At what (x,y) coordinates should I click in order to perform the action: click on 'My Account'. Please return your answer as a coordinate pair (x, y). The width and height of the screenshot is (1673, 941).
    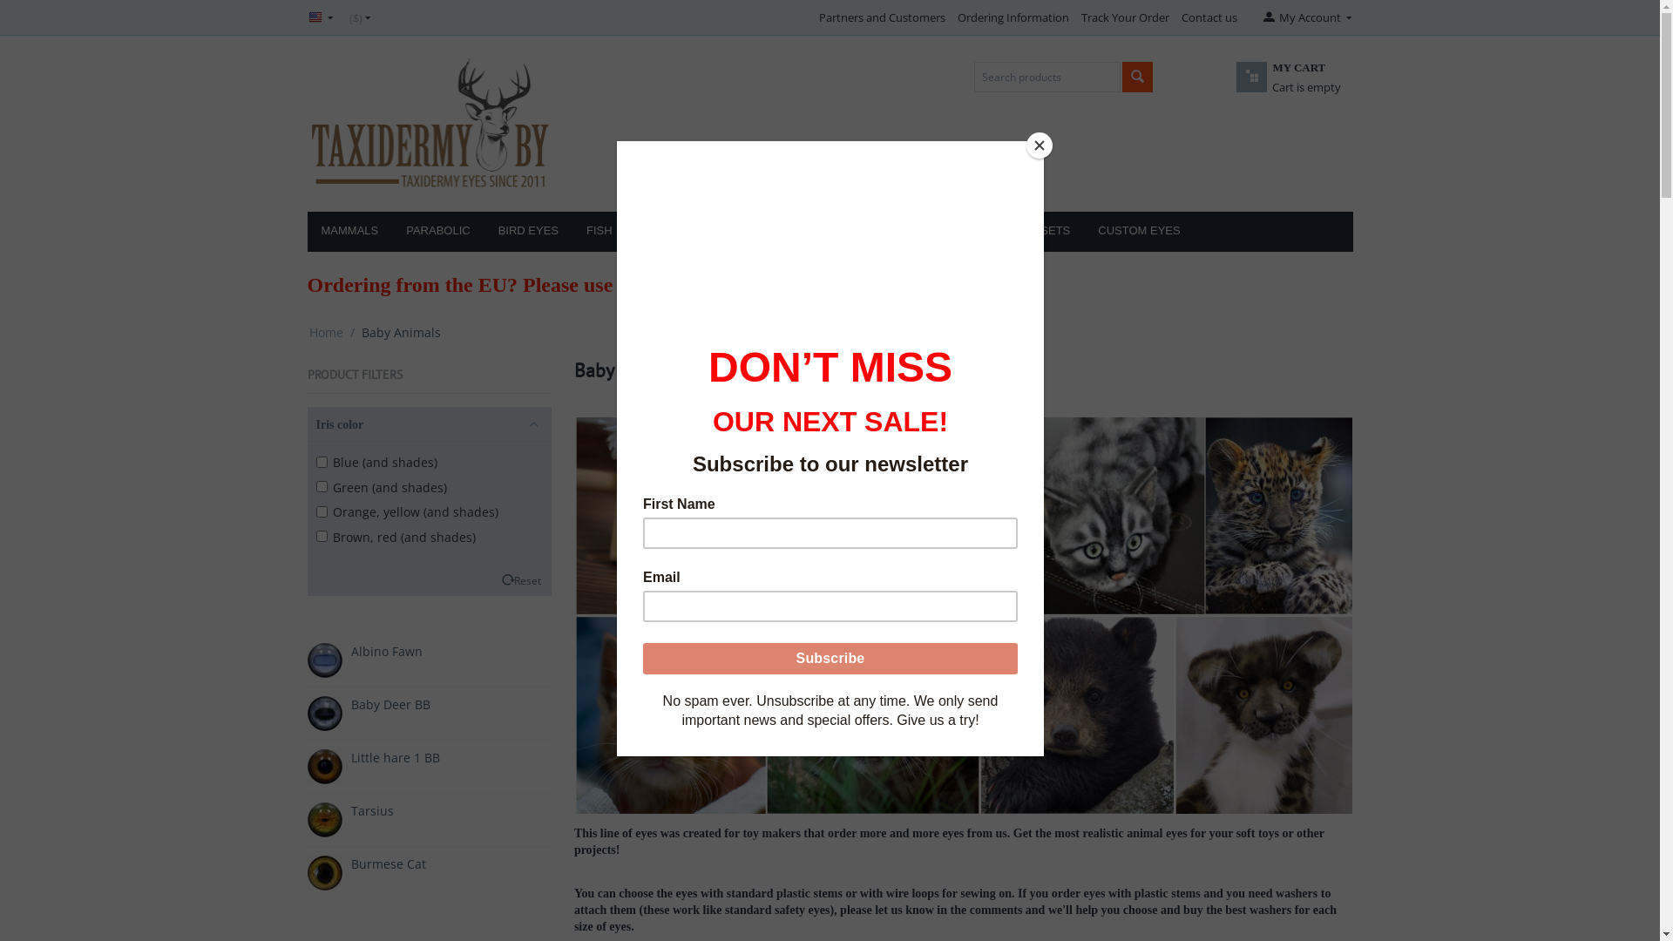
    Looking at the image, I should click on (1305, 17).